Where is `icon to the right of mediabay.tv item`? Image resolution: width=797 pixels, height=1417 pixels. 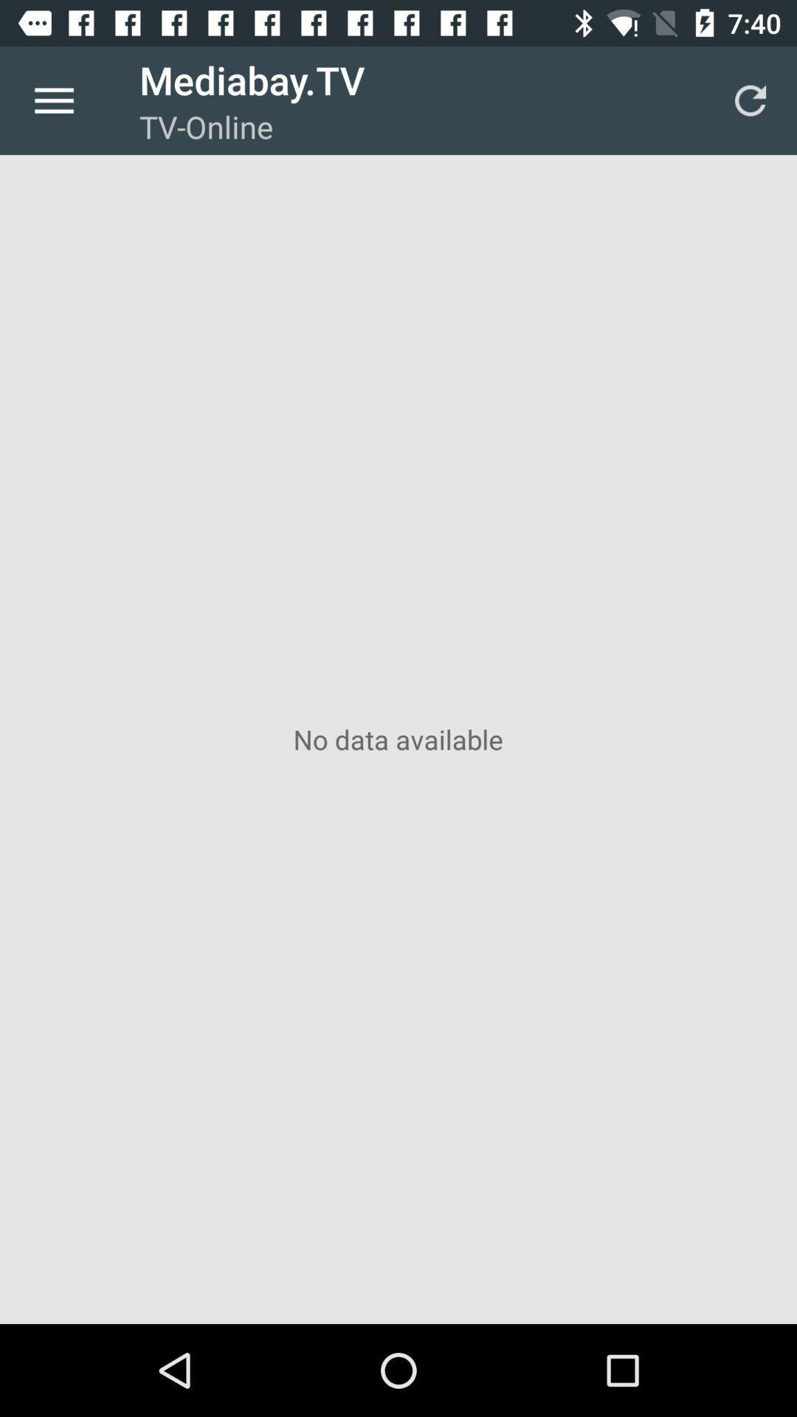
icon to the right of mediabay.tv item is located at coordinates (751, 100).